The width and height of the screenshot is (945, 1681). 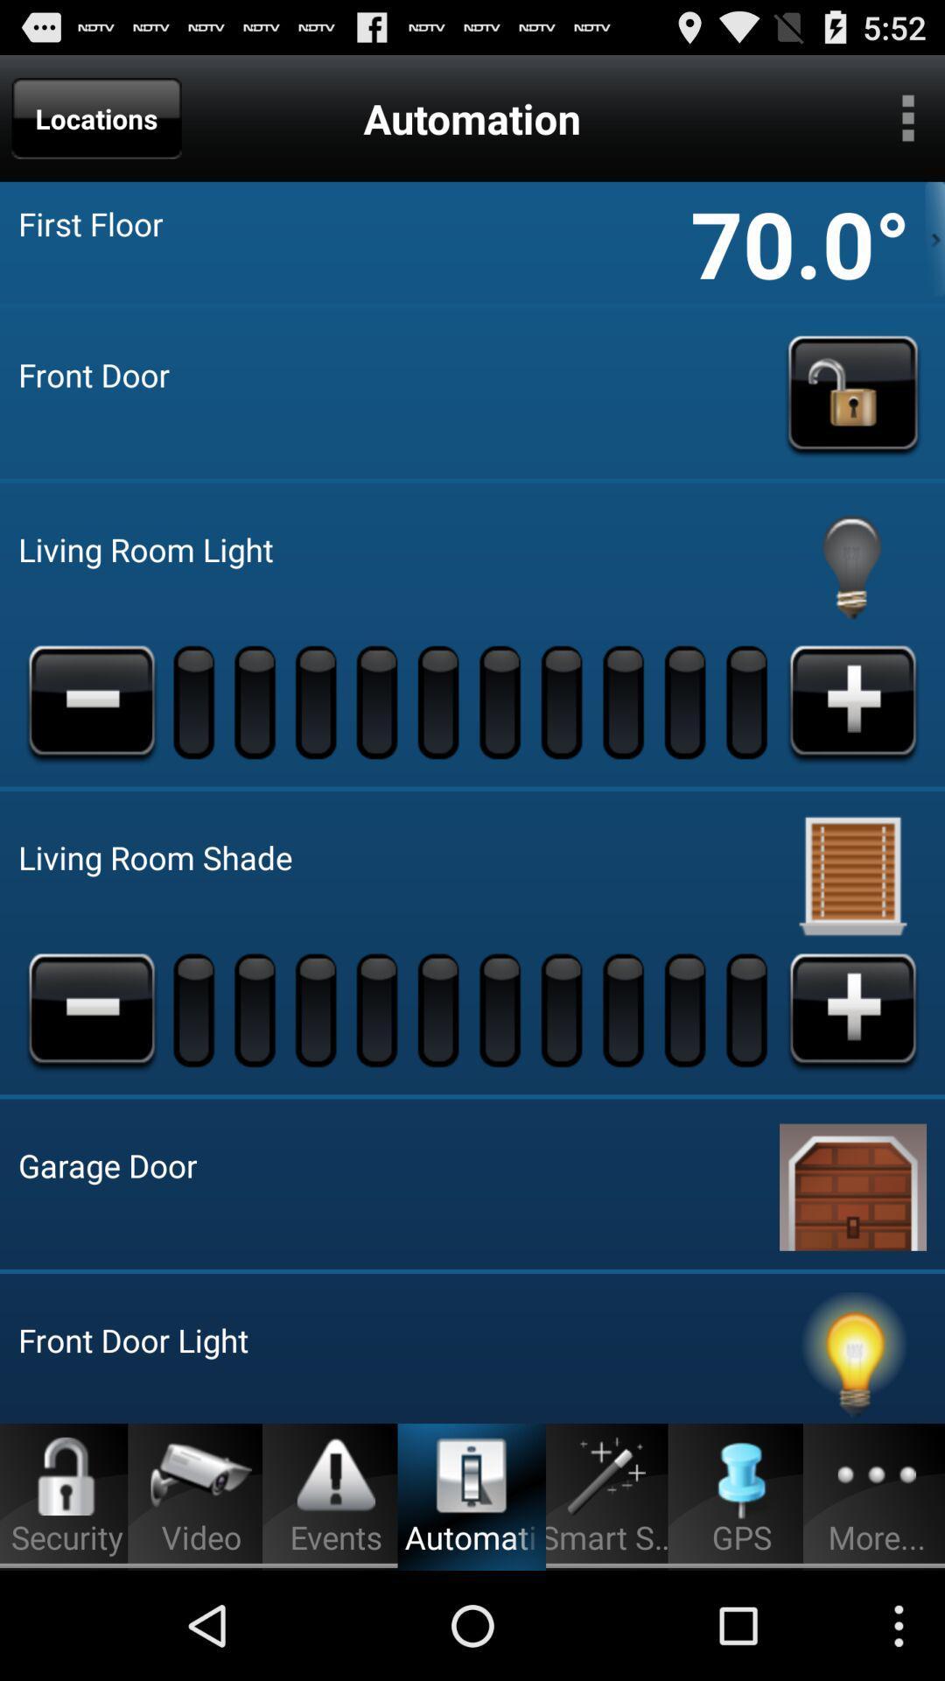 What do you see at coordinates (852, 568) in the screenshot?
I see `turn light on` at bounding box center [852, 568].